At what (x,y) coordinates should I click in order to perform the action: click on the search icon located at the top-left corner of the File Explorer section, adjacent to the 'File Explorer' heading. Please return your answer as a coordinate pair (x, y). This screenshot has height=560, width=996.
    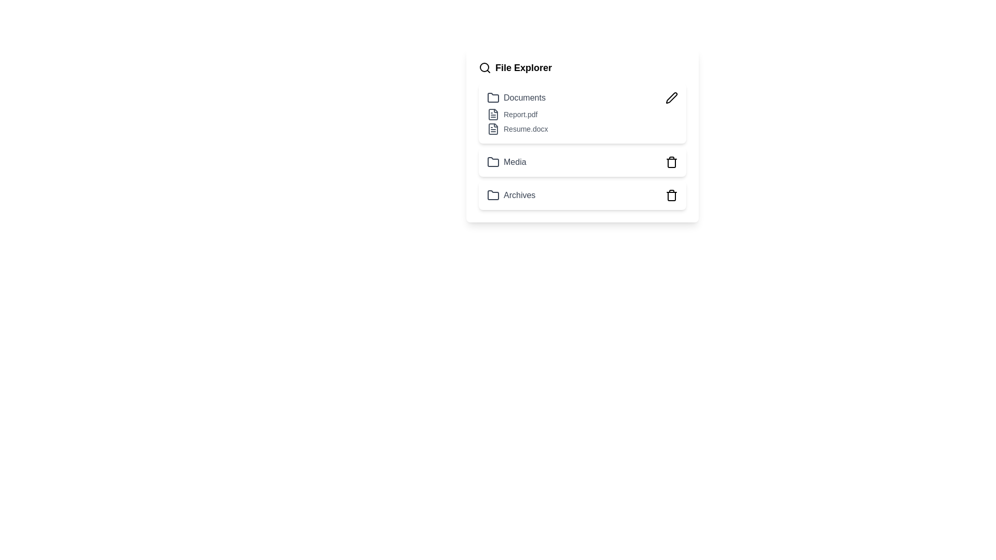
    Looking at the image, I should click on (485, 68).